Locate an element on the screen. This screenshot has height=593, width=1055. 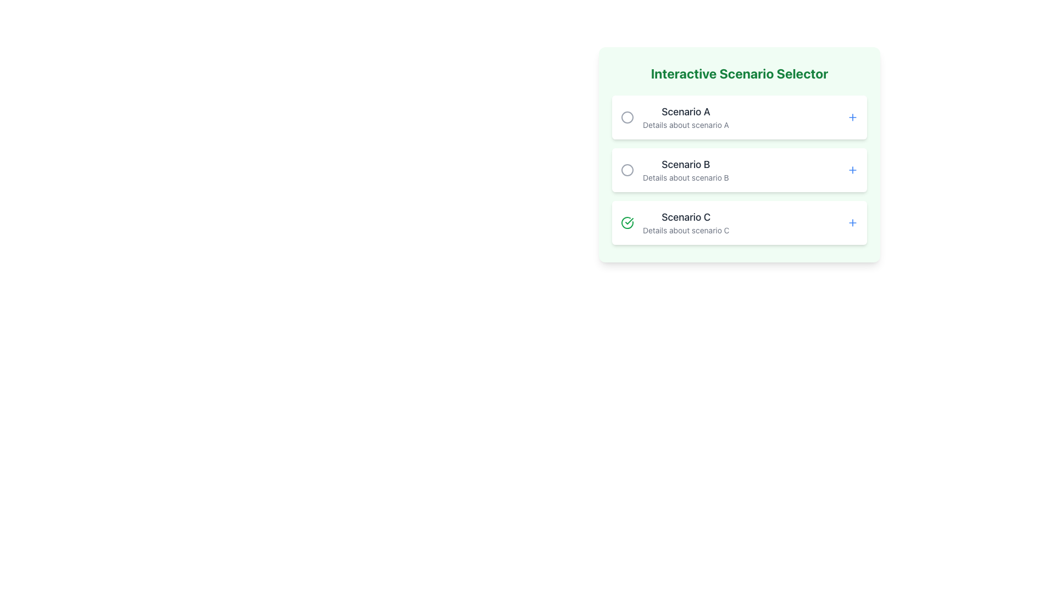
the small blue plus icon located at the top-right corner of the card for 'Scenario A' is located at coordinates (852, 117).